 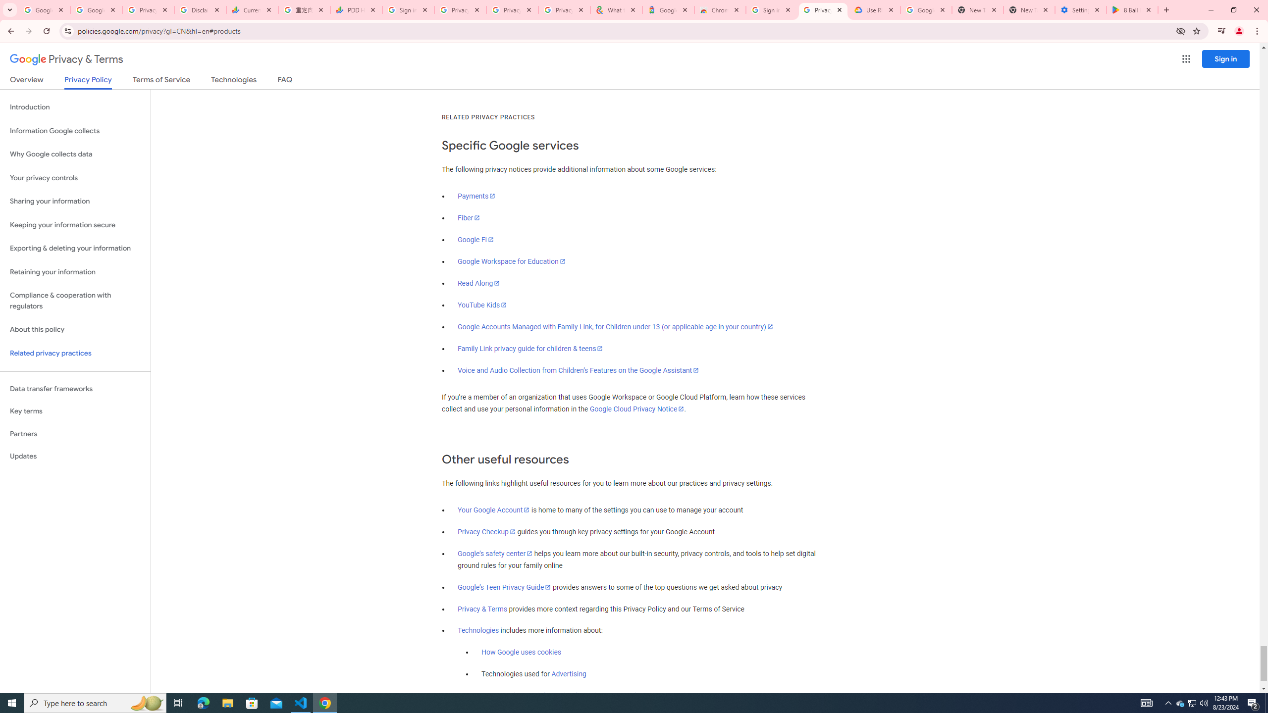 I want to click on 'Keeping your information secure', so click(x=75, y=225).